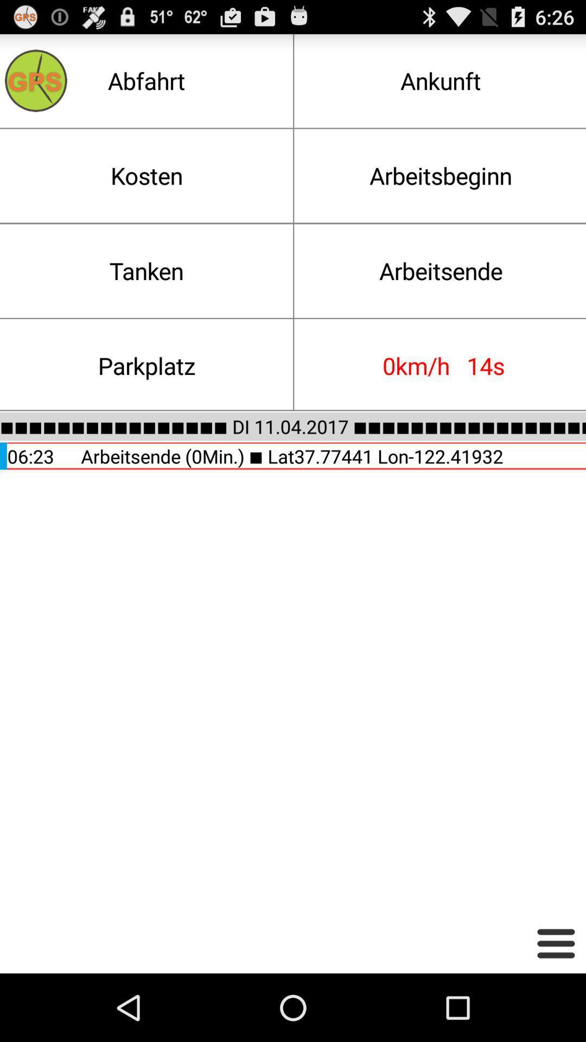  I want to click on the menu icon, so click(556, 1009).